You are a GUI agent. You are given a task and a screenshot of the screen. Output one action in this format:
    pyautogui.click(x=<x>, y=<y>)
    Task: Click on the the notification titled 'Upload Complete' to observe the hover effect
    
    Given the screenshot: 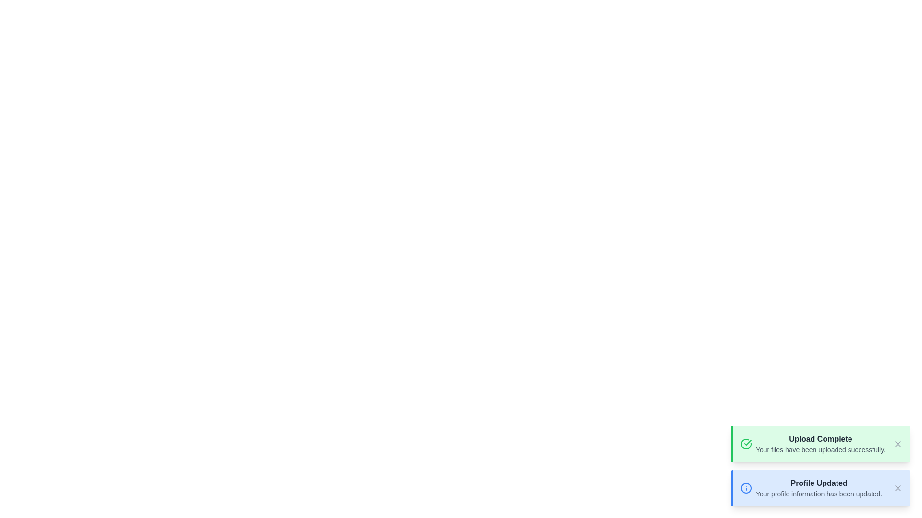 What is the action you would take?
    pyautogui.click(x=820, y=444)
    